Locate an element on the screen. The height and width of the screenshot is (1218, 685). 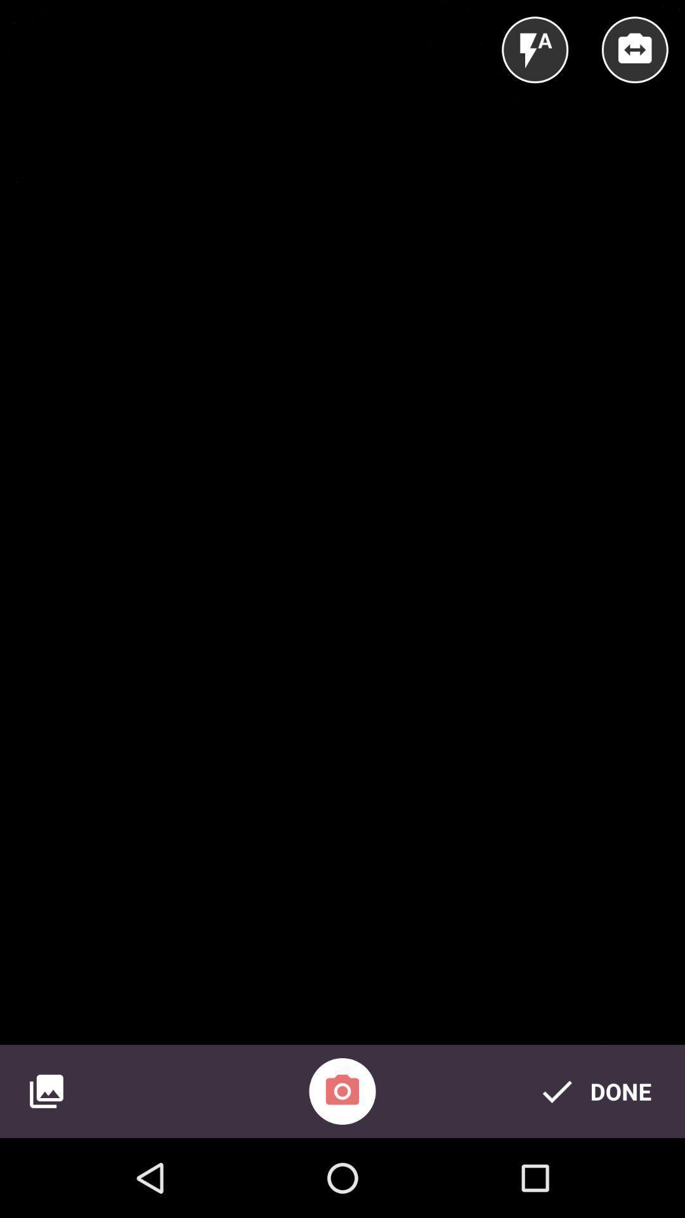
the wallpaper icon is located at coordinates (46, 1090).